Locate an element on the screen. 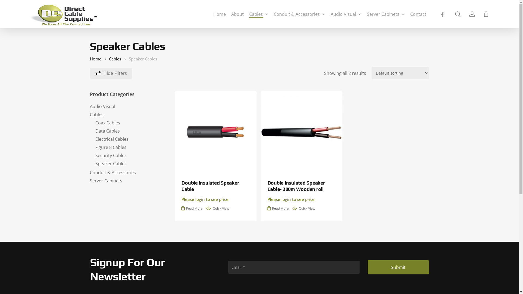  'Coax Cables' is located at coordinates (128, 123).